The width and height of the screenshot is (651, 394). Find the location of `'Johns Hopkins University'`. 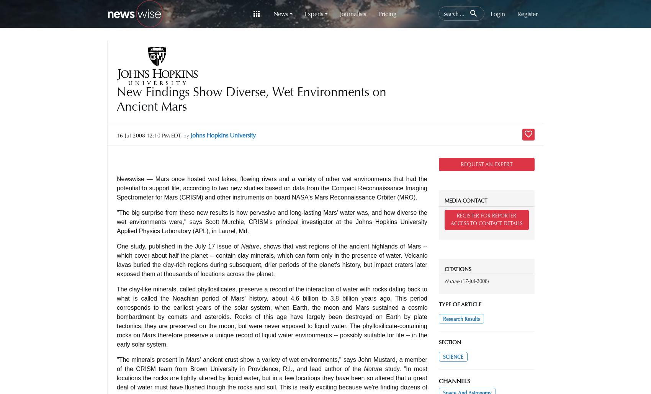

'Johns Hopkins University' is located at coordinates (190, 135).